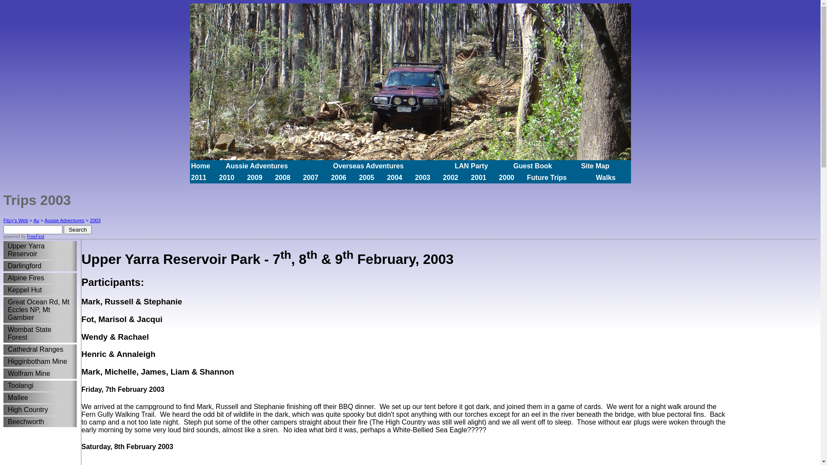  Describe the element at coordinates (37, 421) in the screenshot. I see `'Beechworth'` at that location.